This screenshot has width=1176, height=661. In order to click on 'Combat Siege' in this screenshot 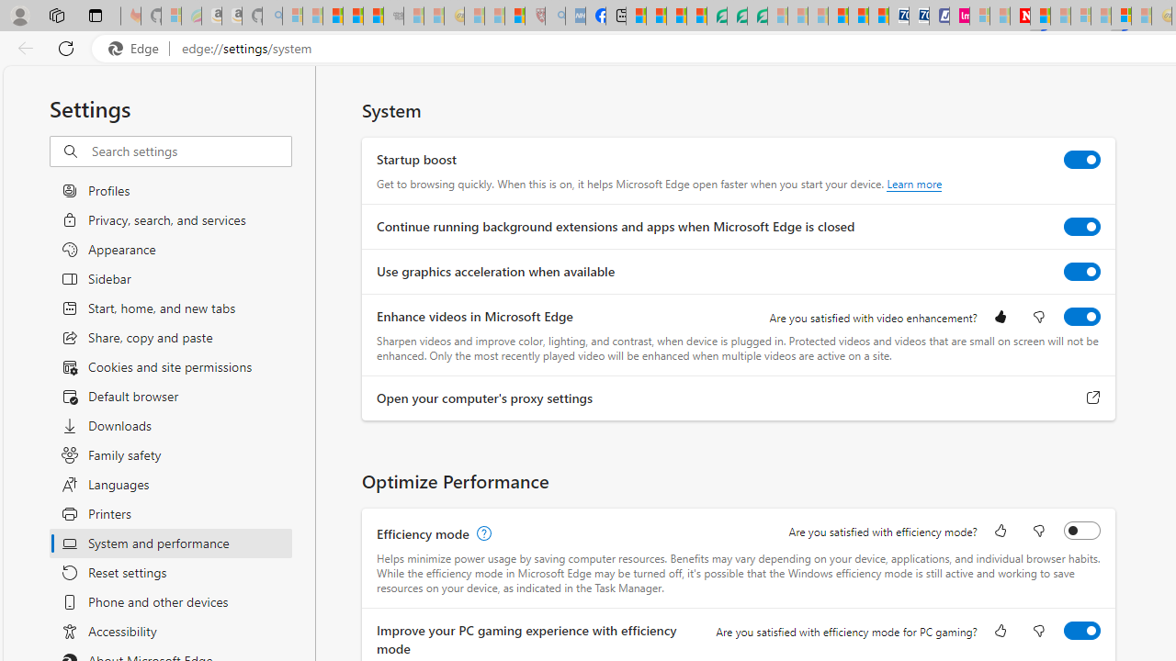, I will do `click(392, 16)`.